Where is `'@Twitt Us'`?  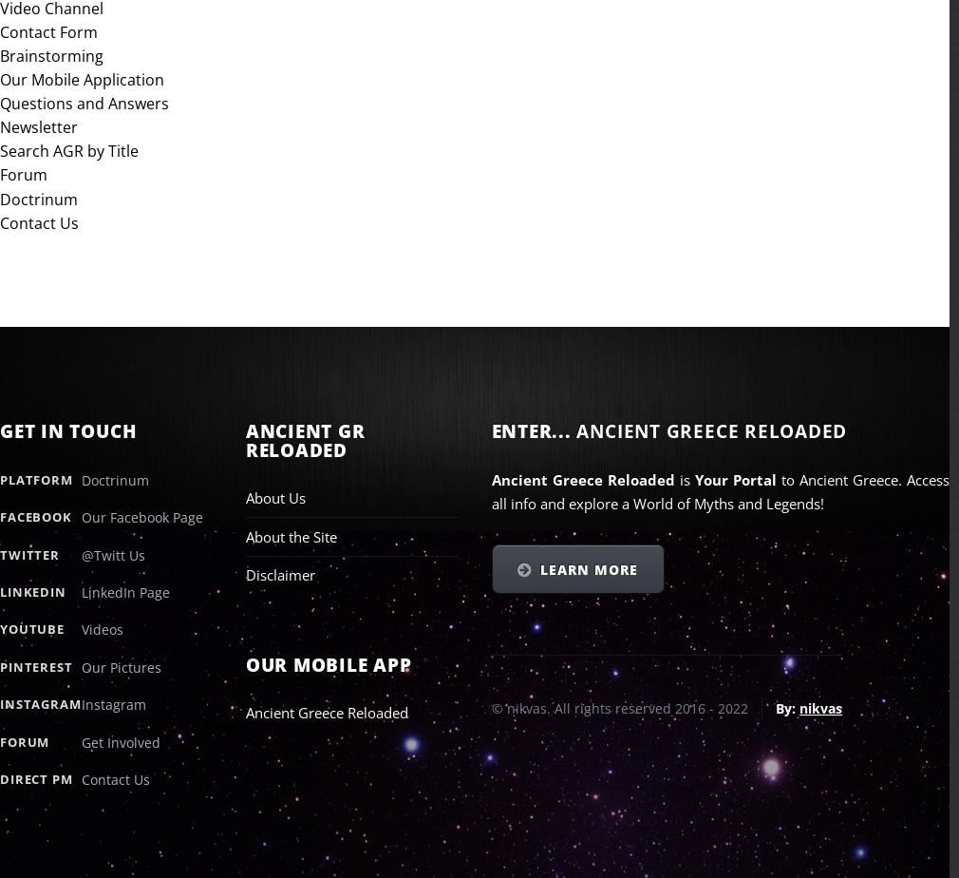
'@Twitt Us' is located at coordinates (80, 554).